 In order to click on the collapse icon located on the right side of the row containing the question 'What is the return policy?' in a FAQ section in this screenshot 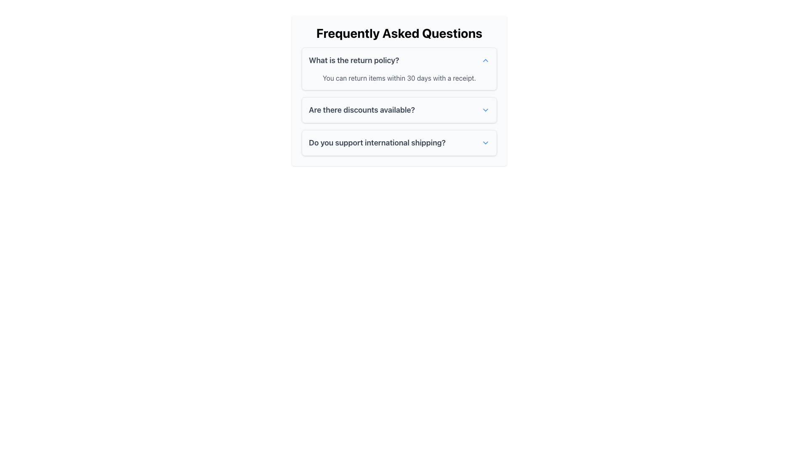, I will do `click(485, 60)`.